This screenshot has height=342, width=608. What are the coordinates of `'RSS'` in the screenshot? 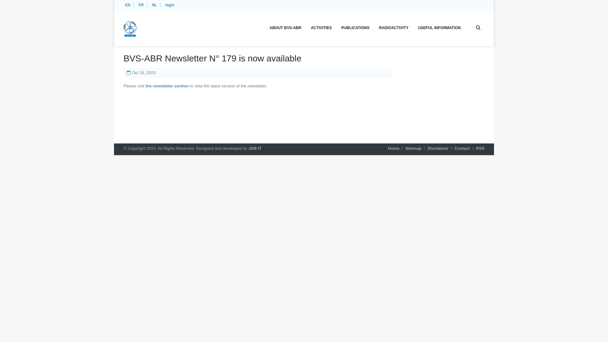 It's located at (480, 148).